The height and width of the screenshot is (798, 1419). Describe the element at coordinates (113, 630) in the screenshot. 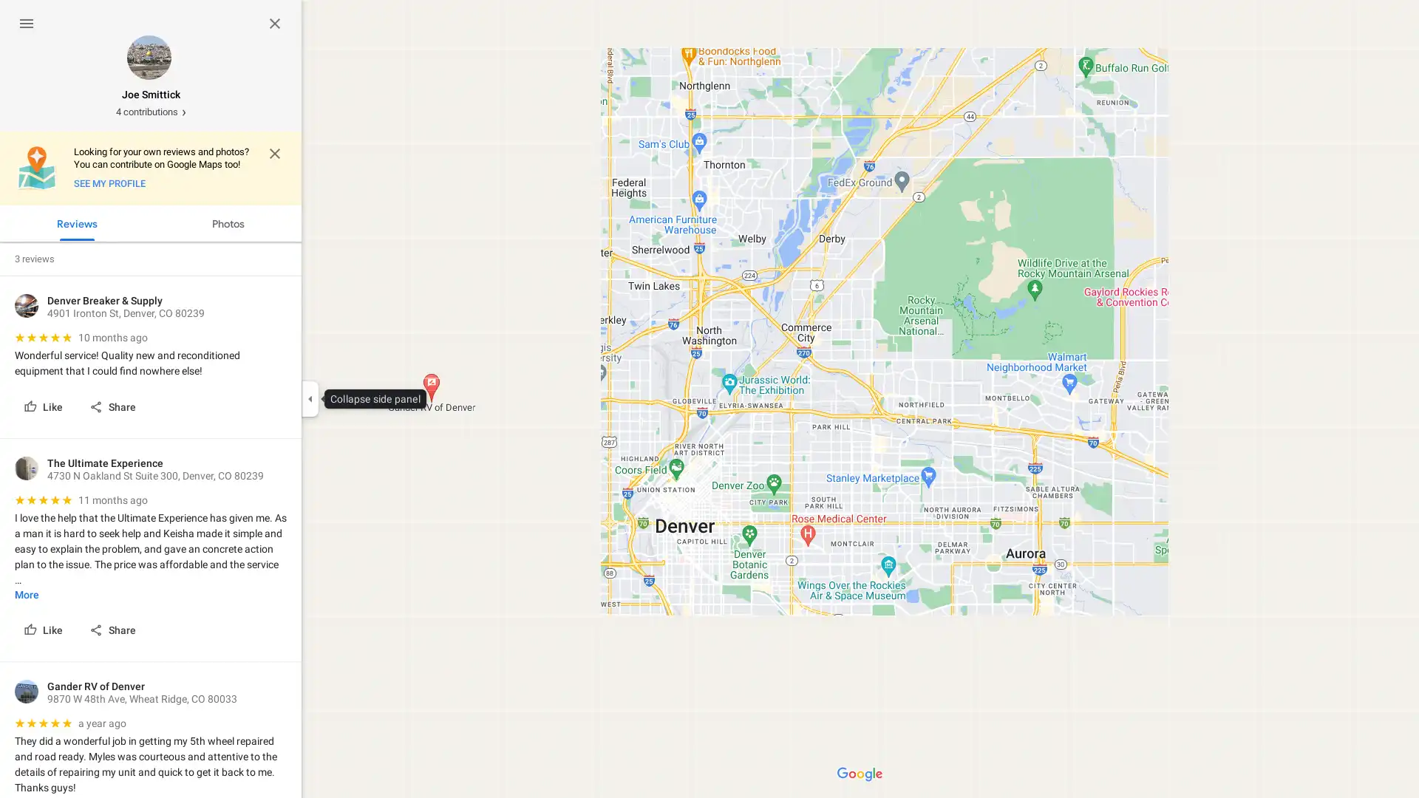

I see `Share The Ultimate Experience's review.` at that location.